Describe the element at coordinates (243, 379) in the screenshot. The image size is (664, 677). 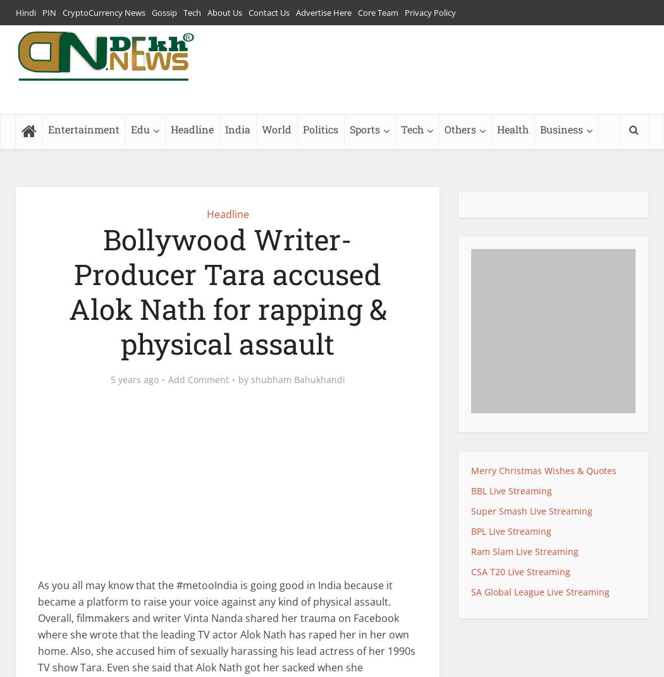
I see `'by'` at that location.